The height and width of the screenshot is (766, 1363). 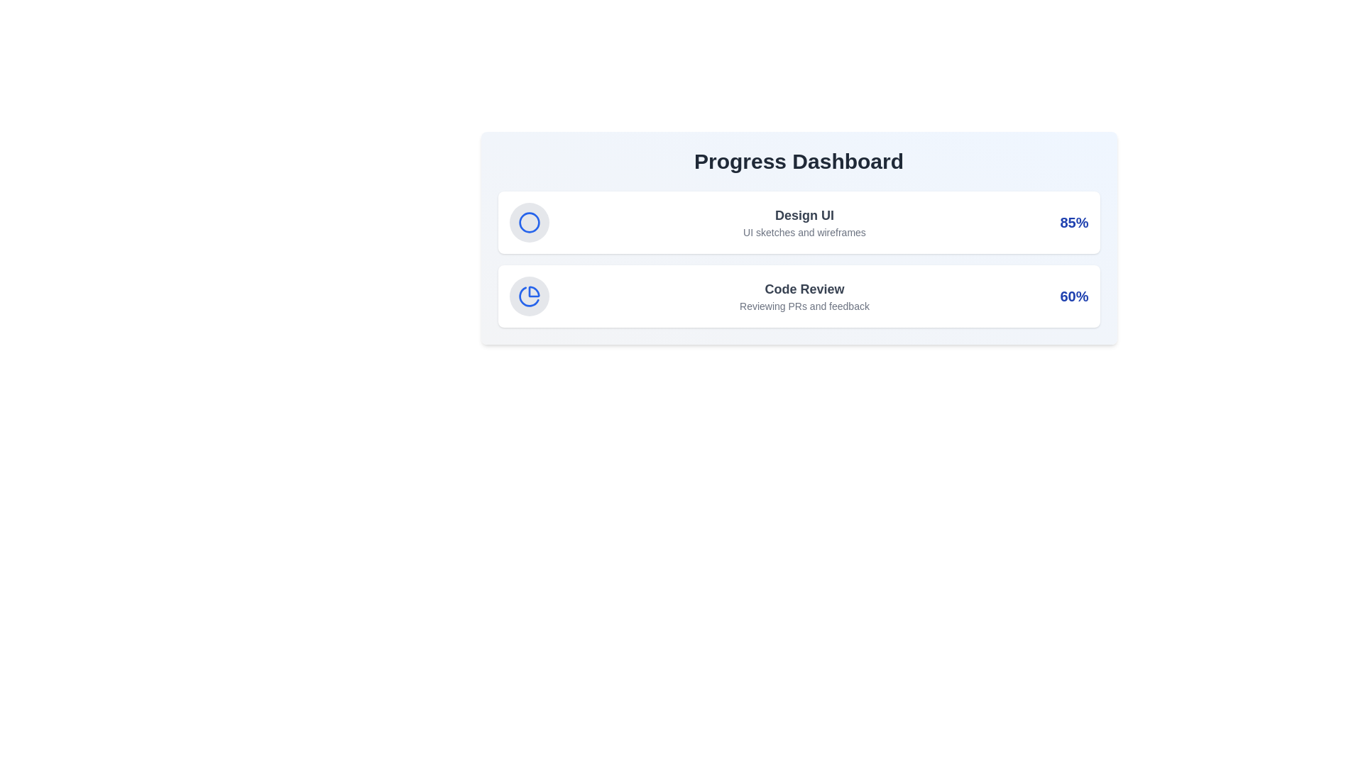 I want to click on the progress Text label that indicates the completion percentage for the task titled 'Design UI', located to the right of the descriptive text 'UI sketches and wireframes', so click(x=1074, y=222).